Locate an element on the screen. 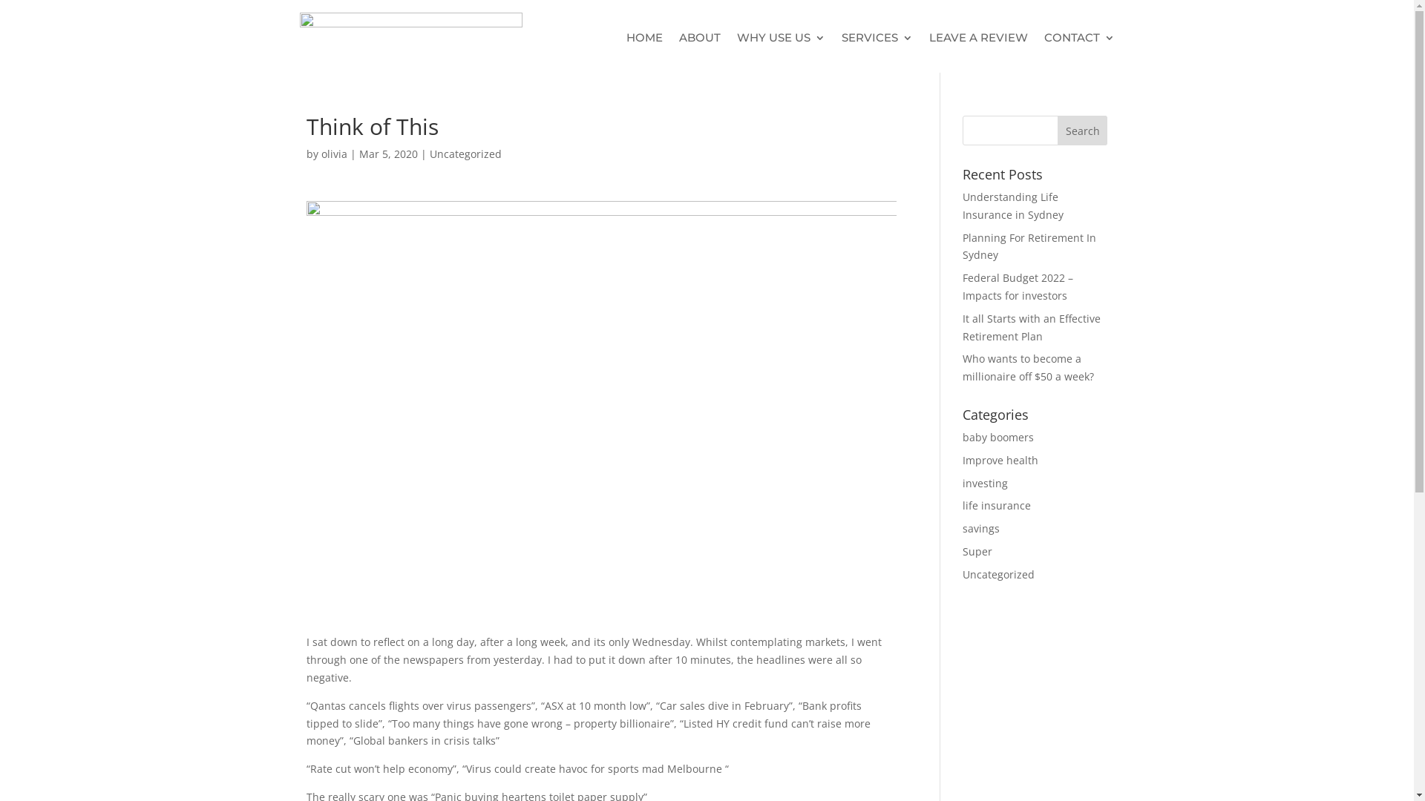 The height and width of the screenshot is (801, 1425). 'LEAVE A REVIEW' is located at coordinates (978, 36).